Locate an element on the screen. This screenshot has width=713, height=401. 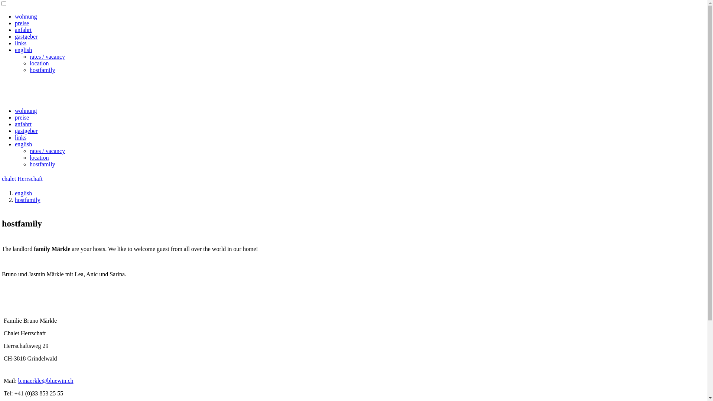
'preise' is located at coordinates (22, 117).